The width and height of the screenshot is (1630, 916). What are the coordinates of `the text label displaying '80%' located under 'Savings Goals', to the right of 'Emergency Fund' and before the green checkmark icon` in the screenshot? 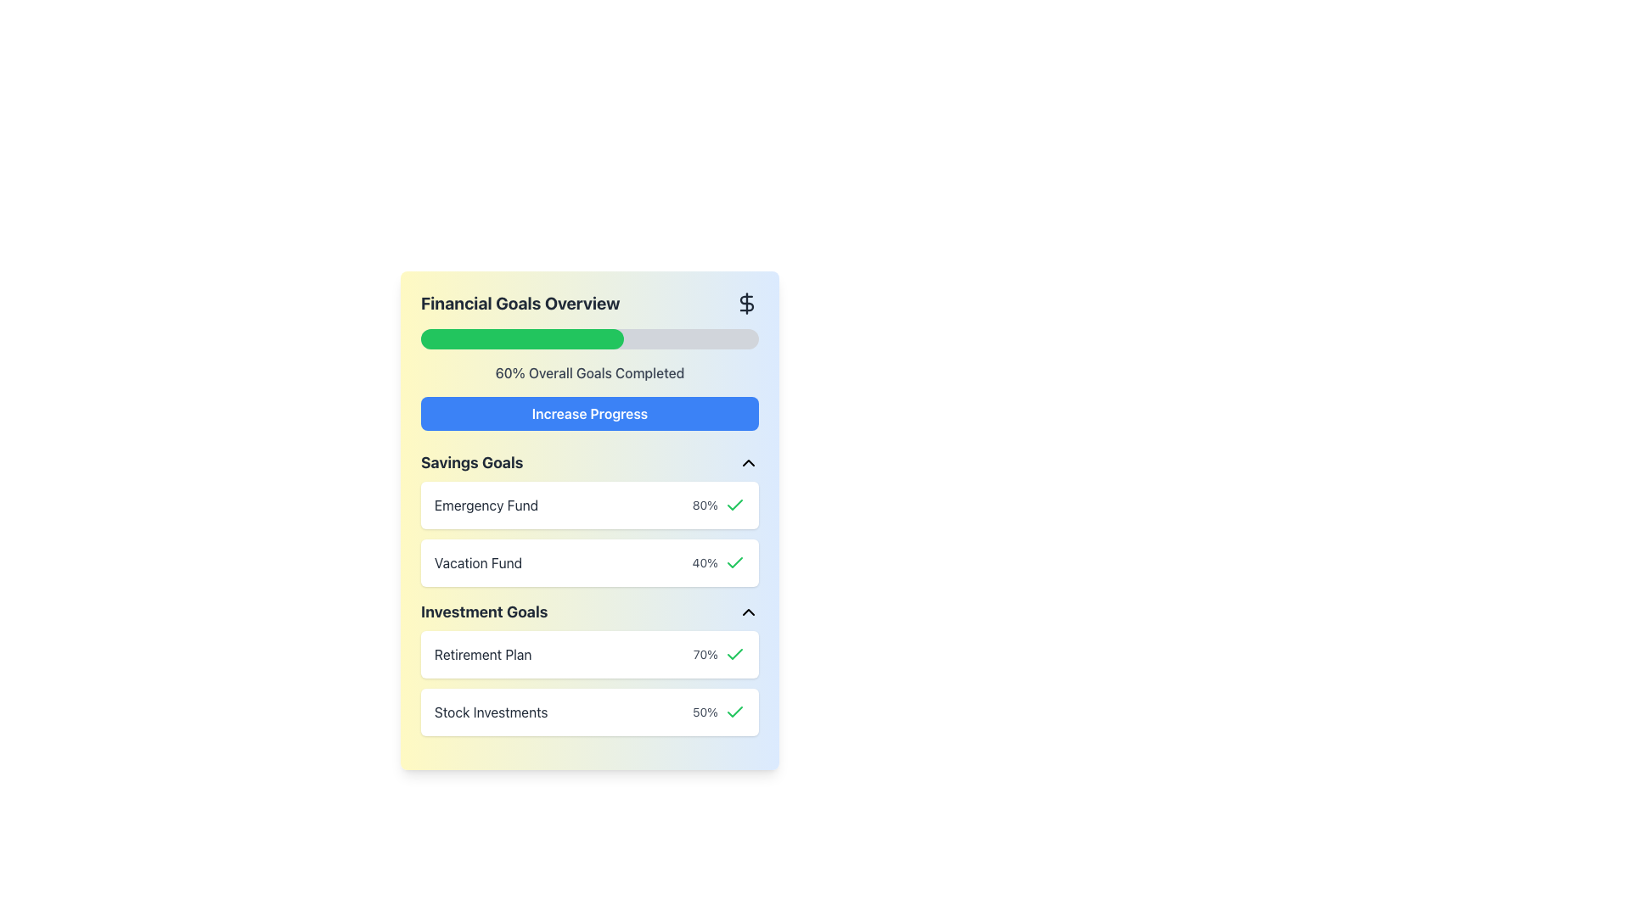 It's located at (705, 505).